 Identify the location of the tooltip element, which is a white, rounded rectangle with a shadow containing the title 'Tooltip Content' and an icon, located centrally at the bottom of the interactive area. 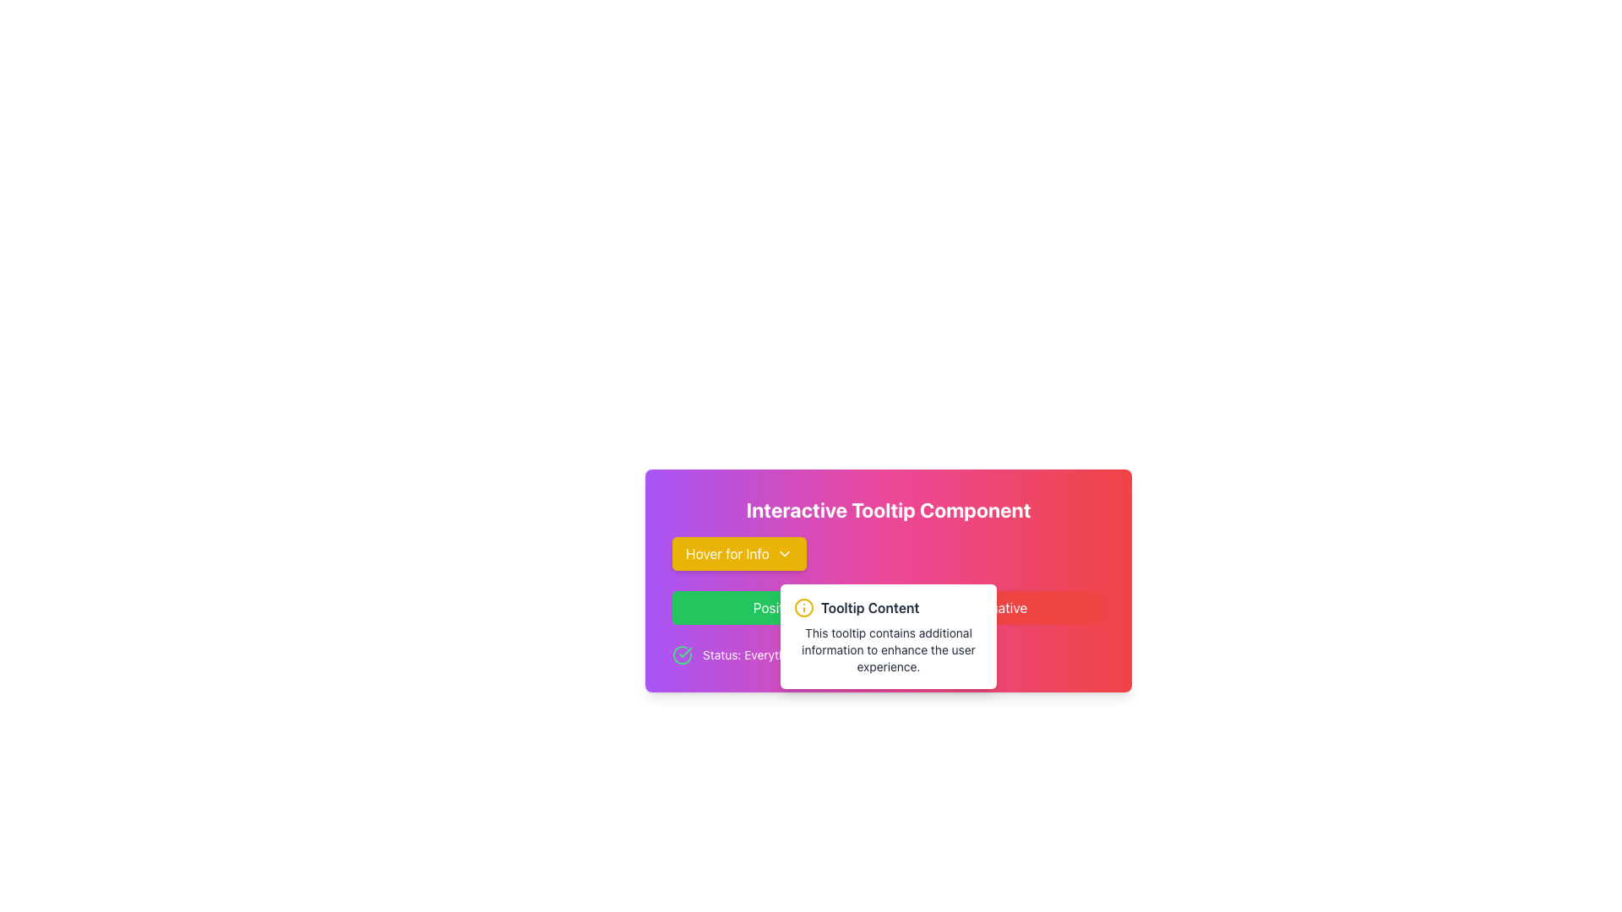
(887, 636).